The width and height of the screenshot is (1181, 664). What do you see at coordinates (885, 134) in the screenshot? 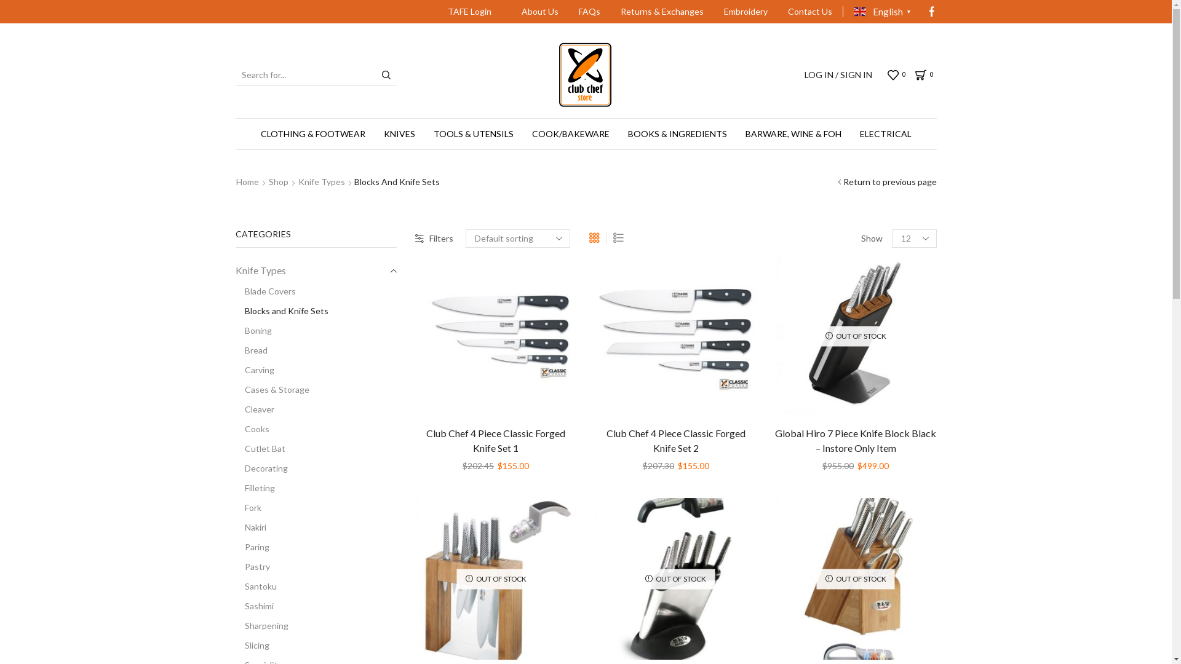
I see `'ELECTRICAL'` at bounding box center [885, 134].